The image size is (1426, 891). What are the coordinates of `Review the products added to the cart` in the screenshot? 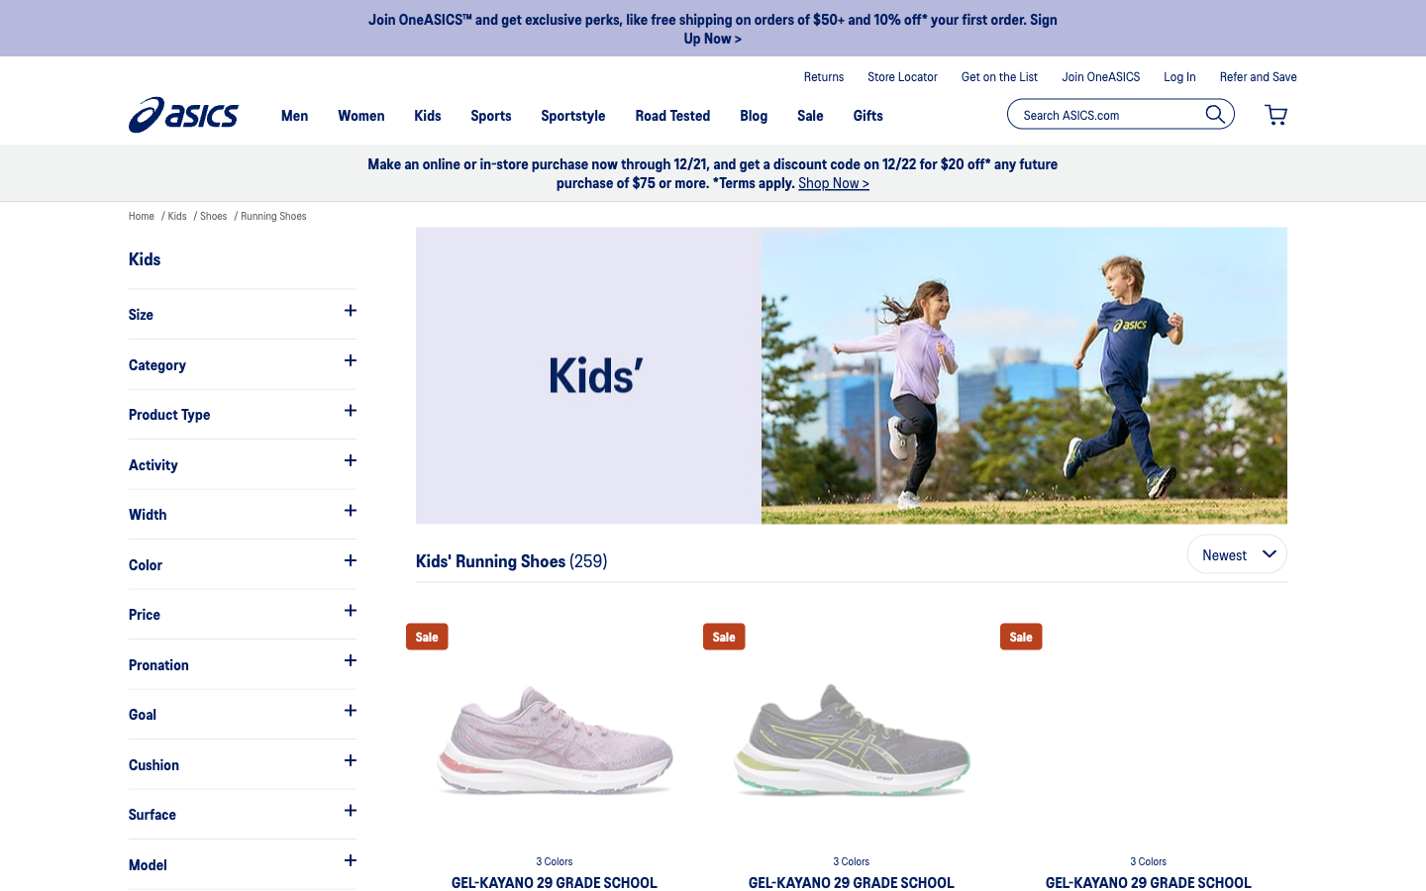 It's located at (1275, 115).